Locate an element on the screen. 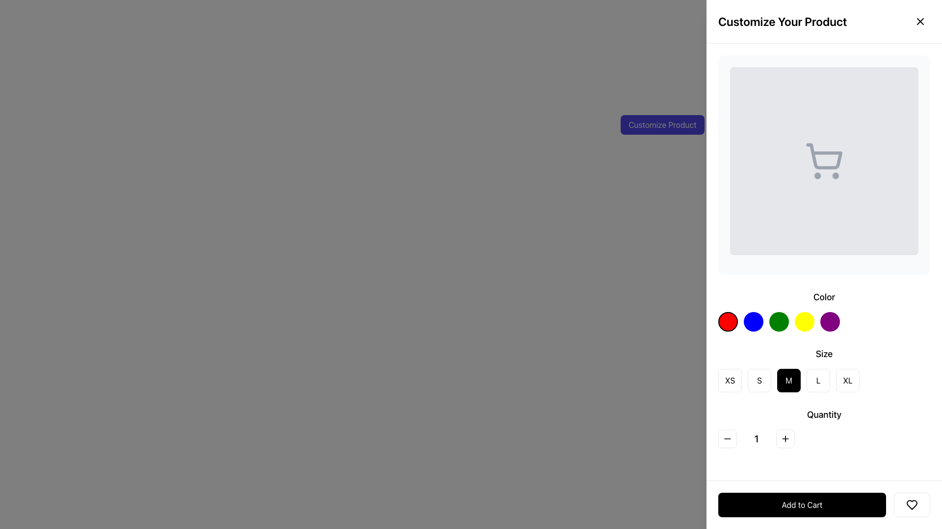 The height and width of the screenshot is (529, 942). the 'XL' size button, which is a rounded rectangular button with a white background and black border, located as the fifth button in the size selection row is located at coordinates (847, 380).